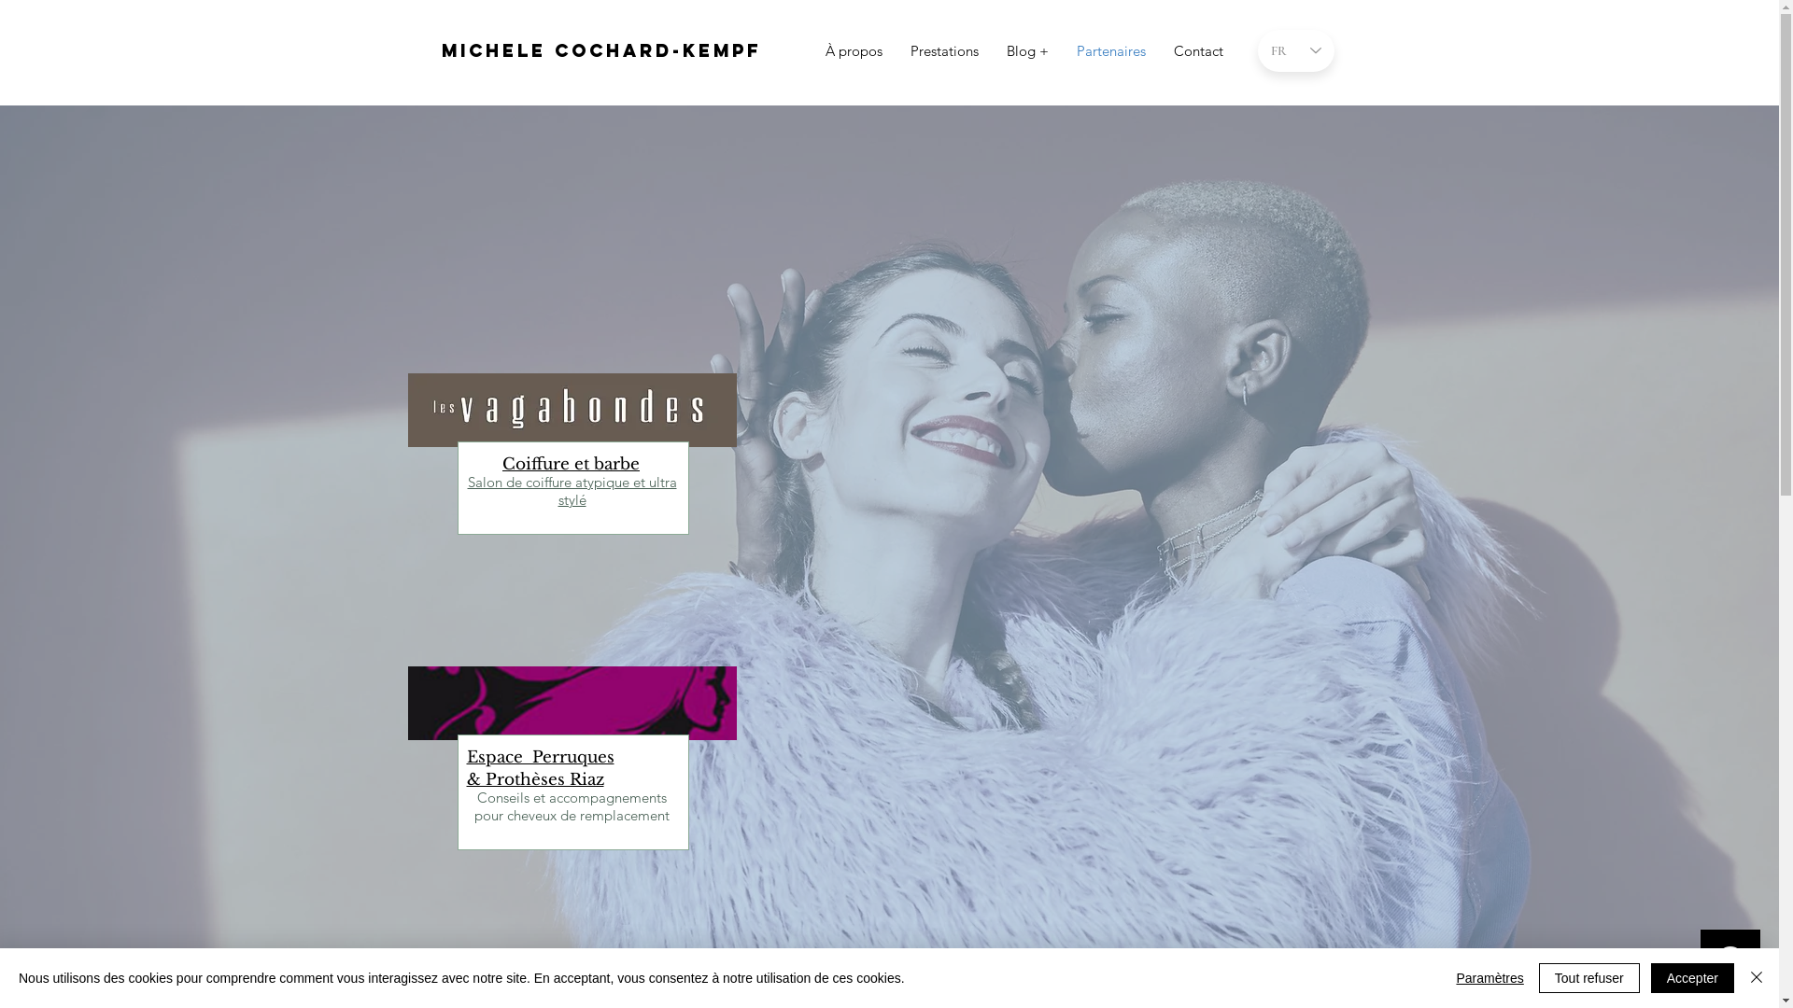 The height and width of the screenshot is (1008, 1793). I want to click on 'Accepter', so click(1692, 977).